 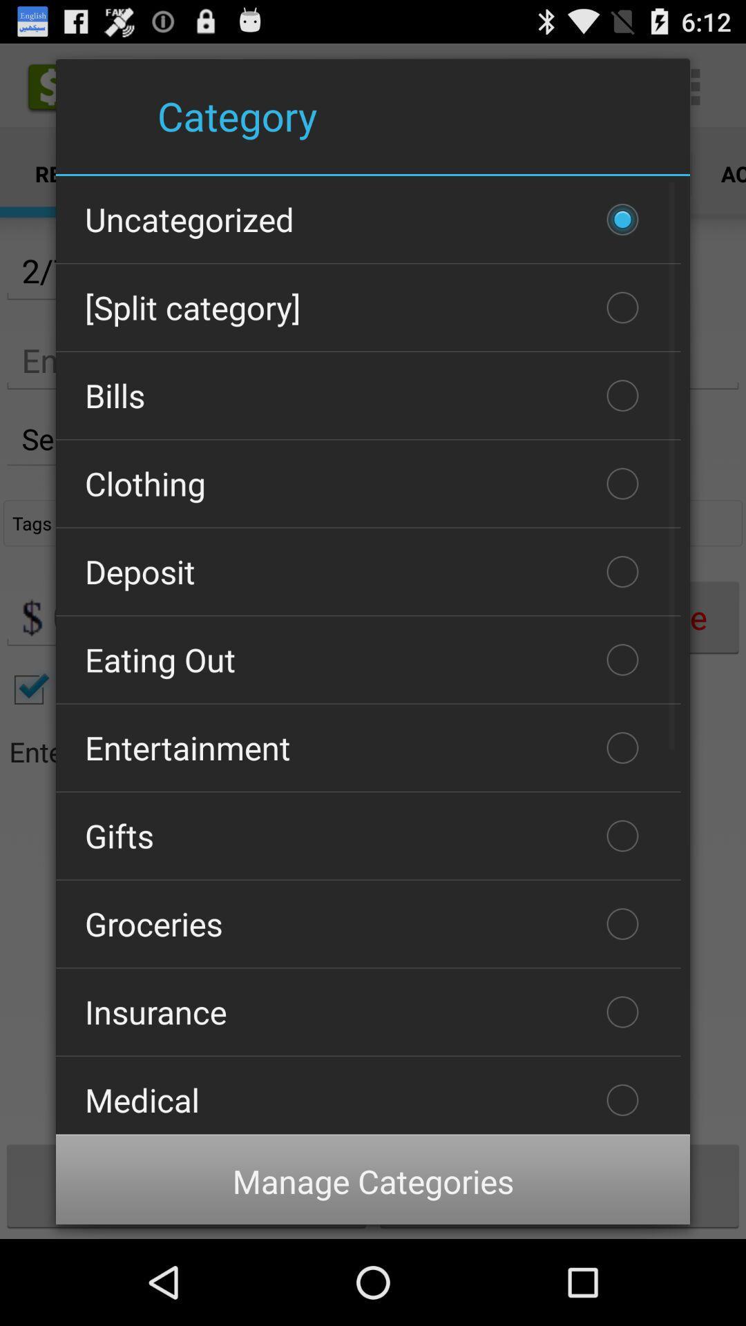 What do you see at coordinates (367, 483) in the screenshot?
I see `the item above the deposit item` at bounding box center [367, 483].